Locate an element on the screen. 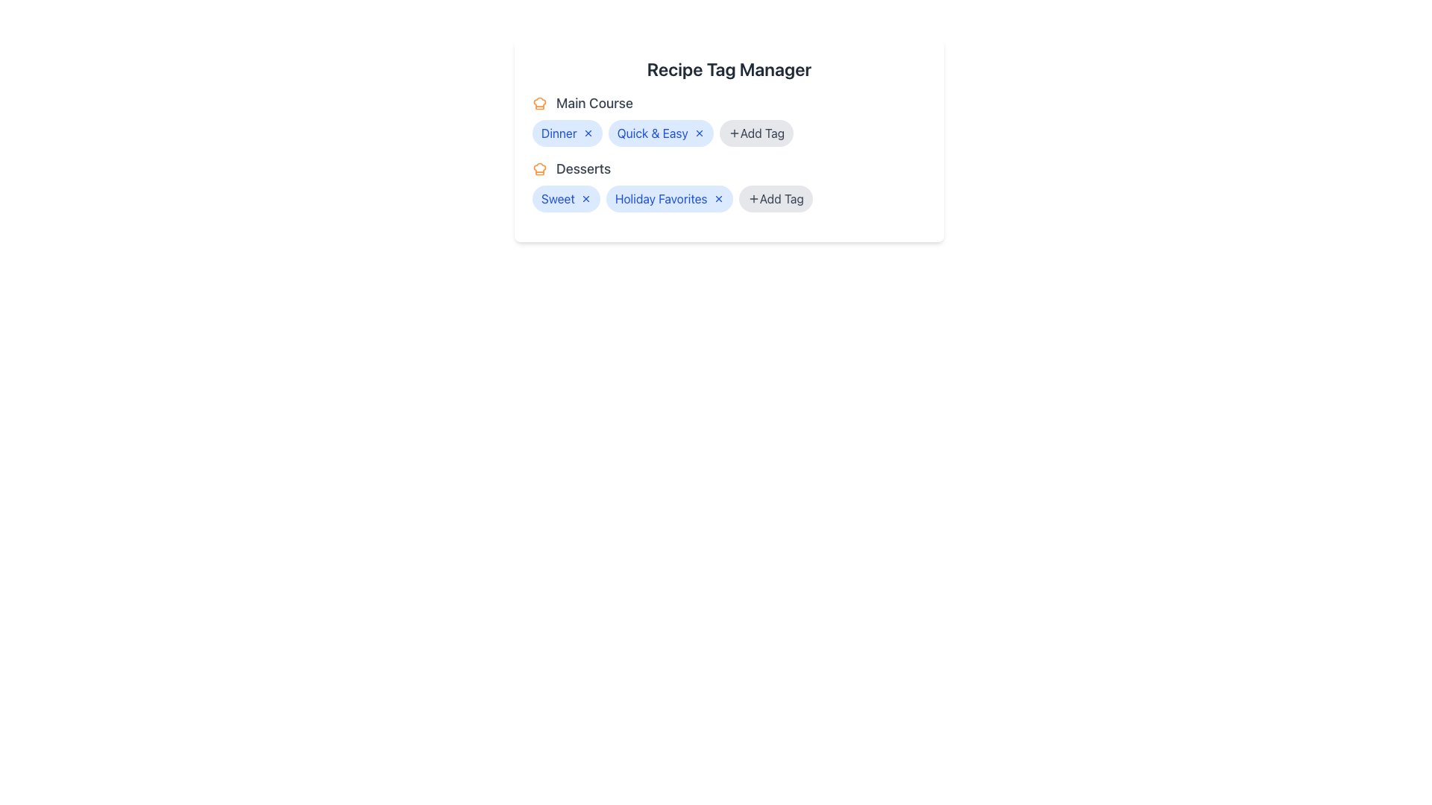  the icon within the second 'Add Tag' button located in the 'Desserts' section is located at coordinates (753, 198).